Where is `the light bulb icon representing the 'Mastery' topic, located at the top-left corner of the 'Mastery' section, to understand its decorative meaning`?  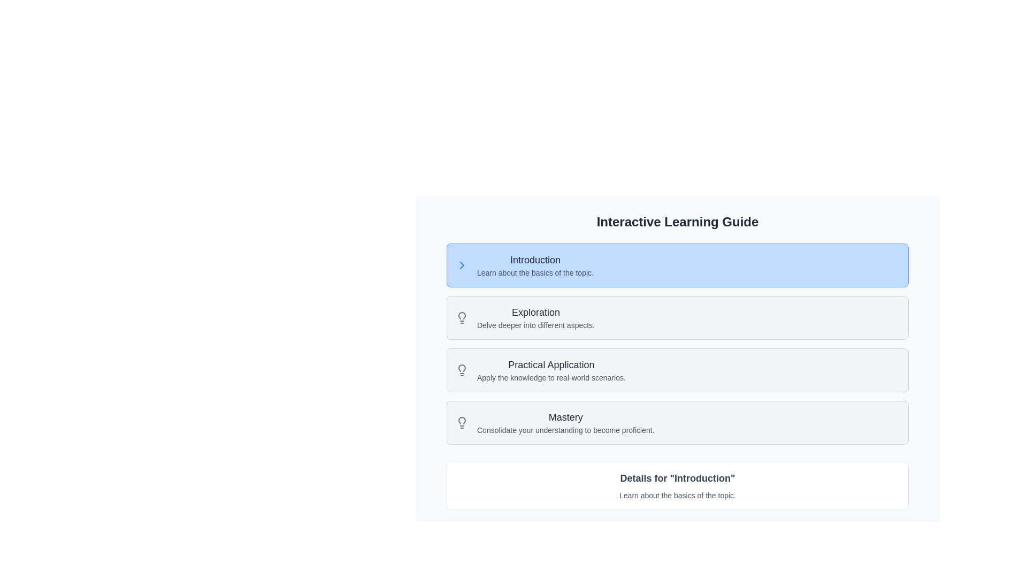 the light bulb icon representing the 'Mastery' topic, located at the top-left corner of the 'Mastery' section, to understand its decorative meaning is located at coordinates (462, 422).